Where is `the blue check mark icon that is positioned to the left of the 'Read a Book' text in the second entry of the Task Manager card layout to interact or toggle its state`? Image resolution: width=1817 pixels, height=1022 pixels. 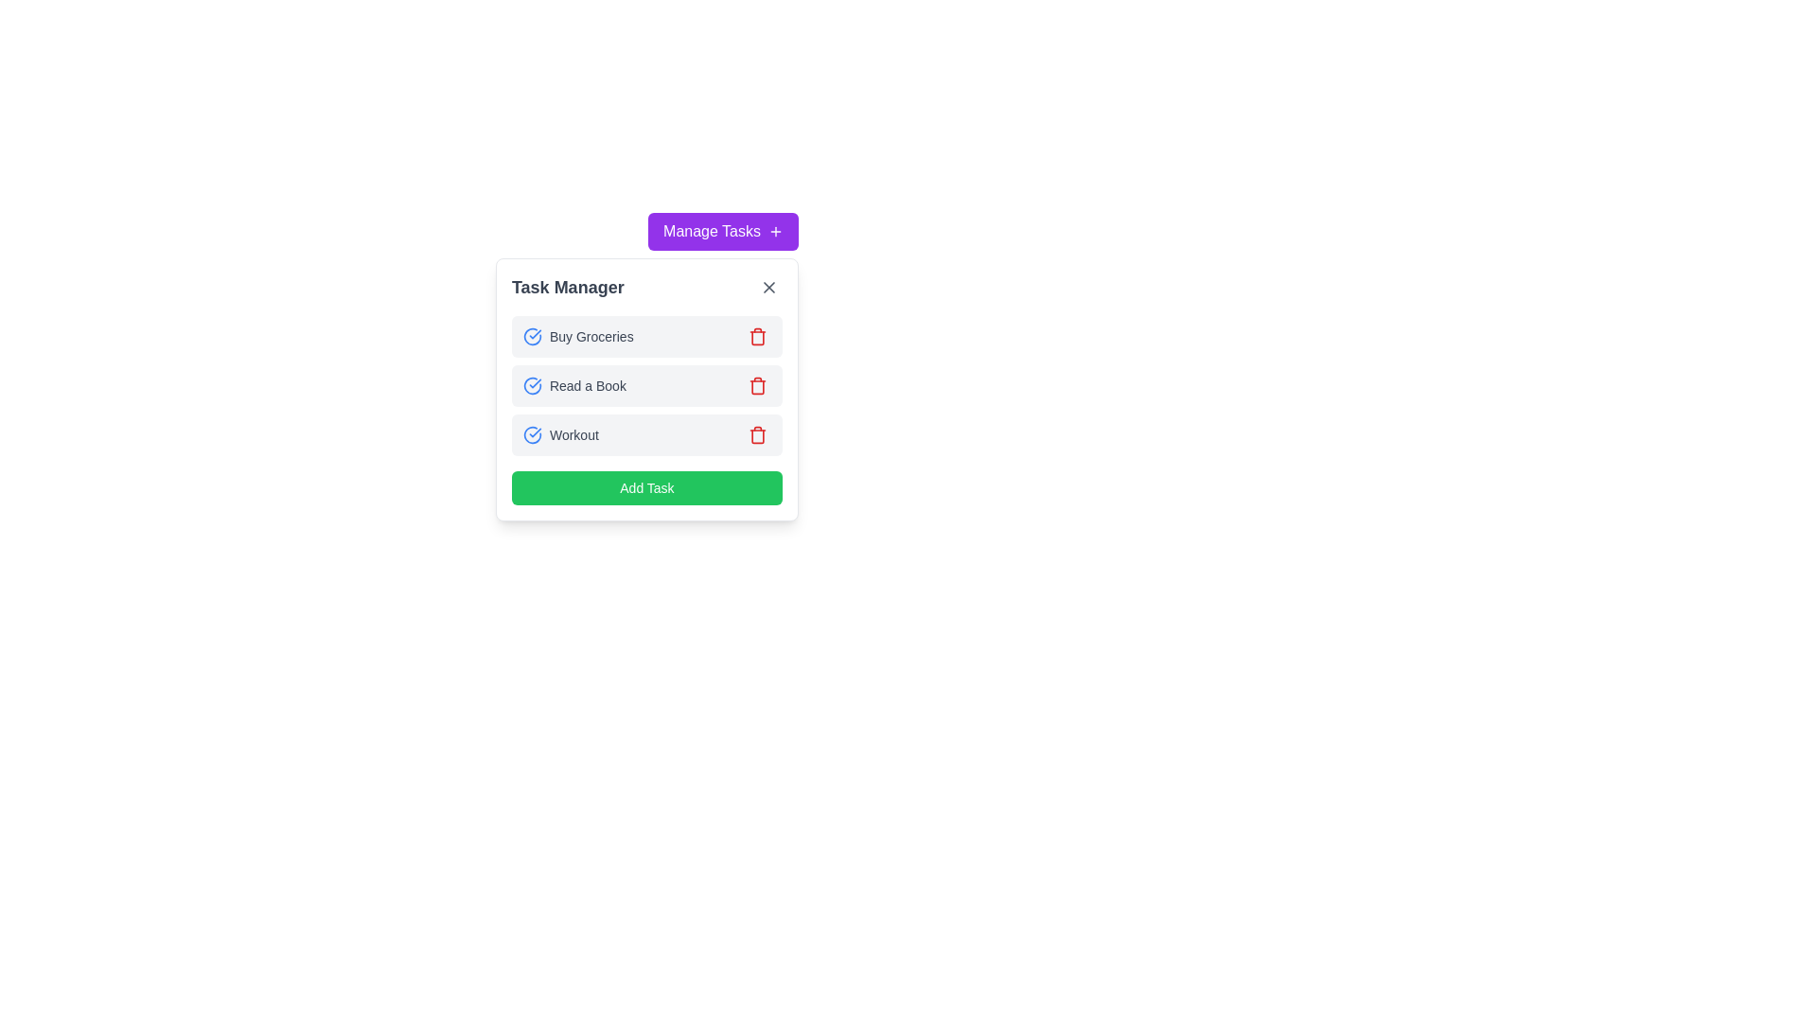 the blue check mark icon that is positioned to the left of the 'Read a Book' text in the second entry of the Task Manager card layout to interact or toggle its state is located at coordinates (531, 385).